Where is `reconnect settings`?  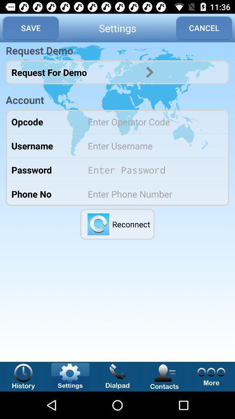 reconnect settings is located at coordinates (98, 223).